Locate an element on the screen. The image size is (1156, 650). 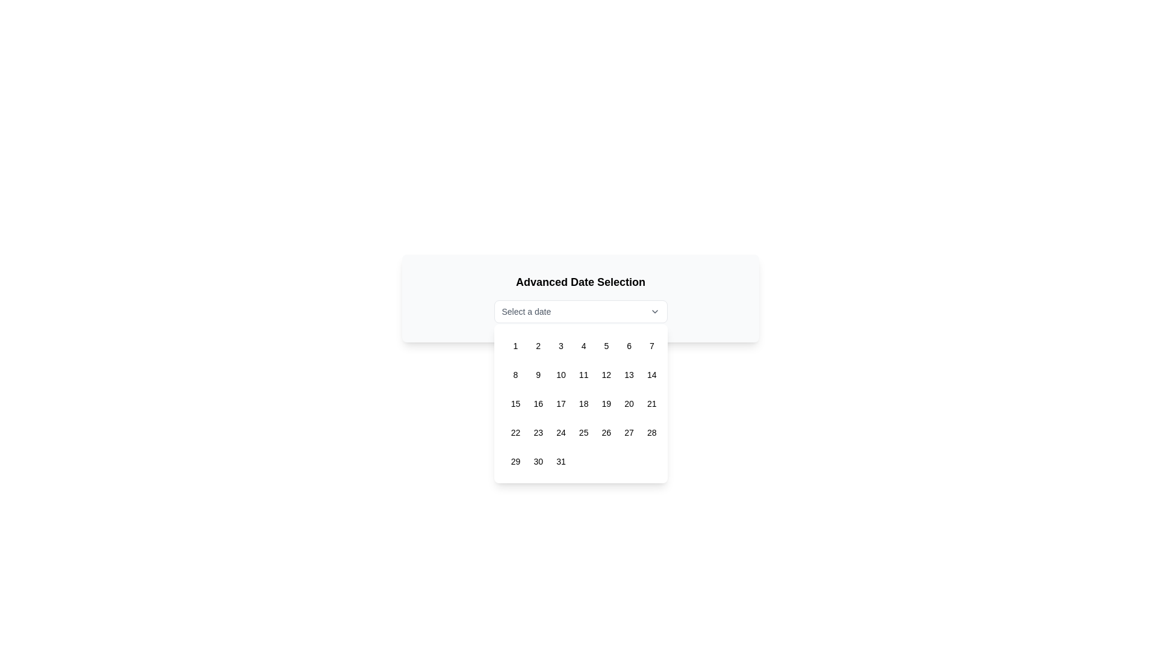
the button representing 'day 28' in the calendar date selector is located at coordinates (651, 432).